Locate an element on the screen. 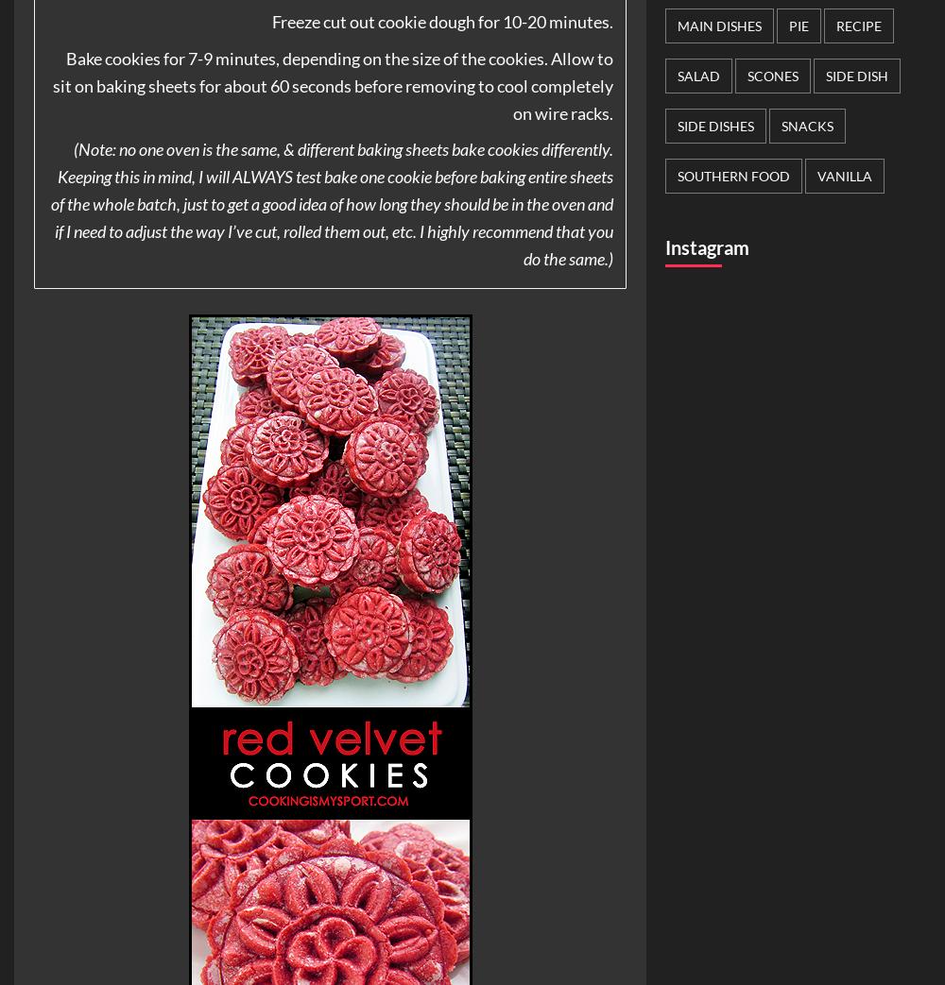  'Snacks' is located at coordinates (806, 125).